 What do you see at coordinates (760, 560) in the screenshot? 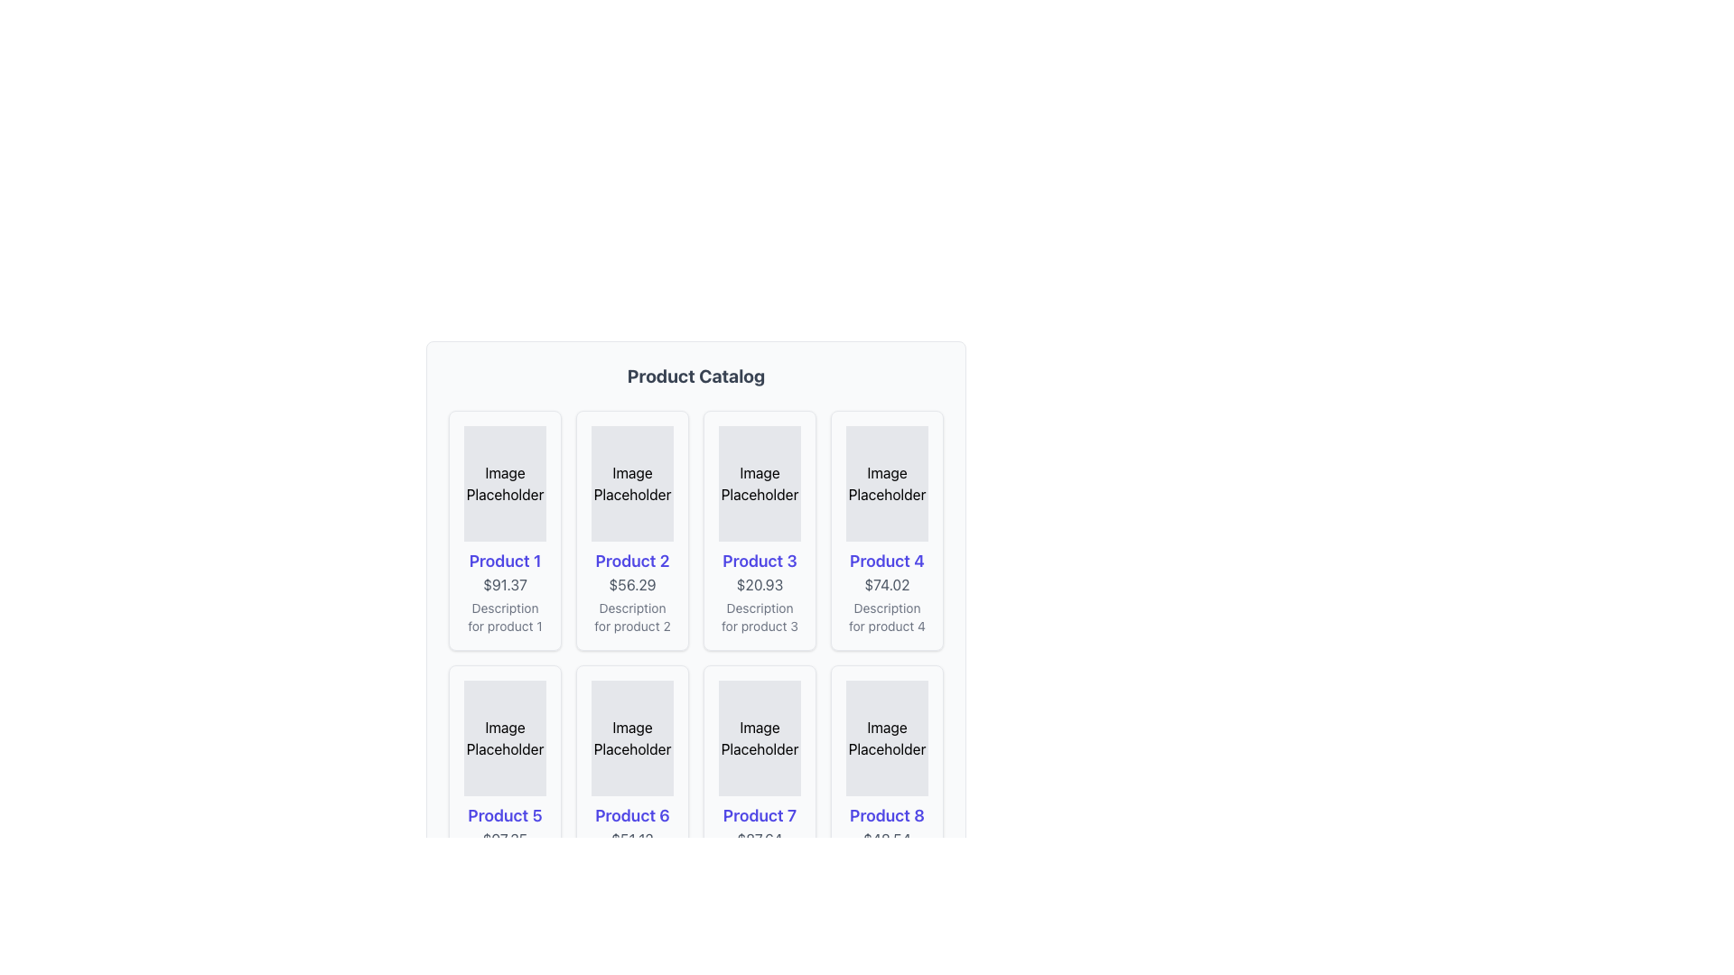
I see `the text label displaying 'Product 3', which is styled in bold indigo blue and located below an image placeholder, above the price and description of the product` at bounding box center [760, 560].